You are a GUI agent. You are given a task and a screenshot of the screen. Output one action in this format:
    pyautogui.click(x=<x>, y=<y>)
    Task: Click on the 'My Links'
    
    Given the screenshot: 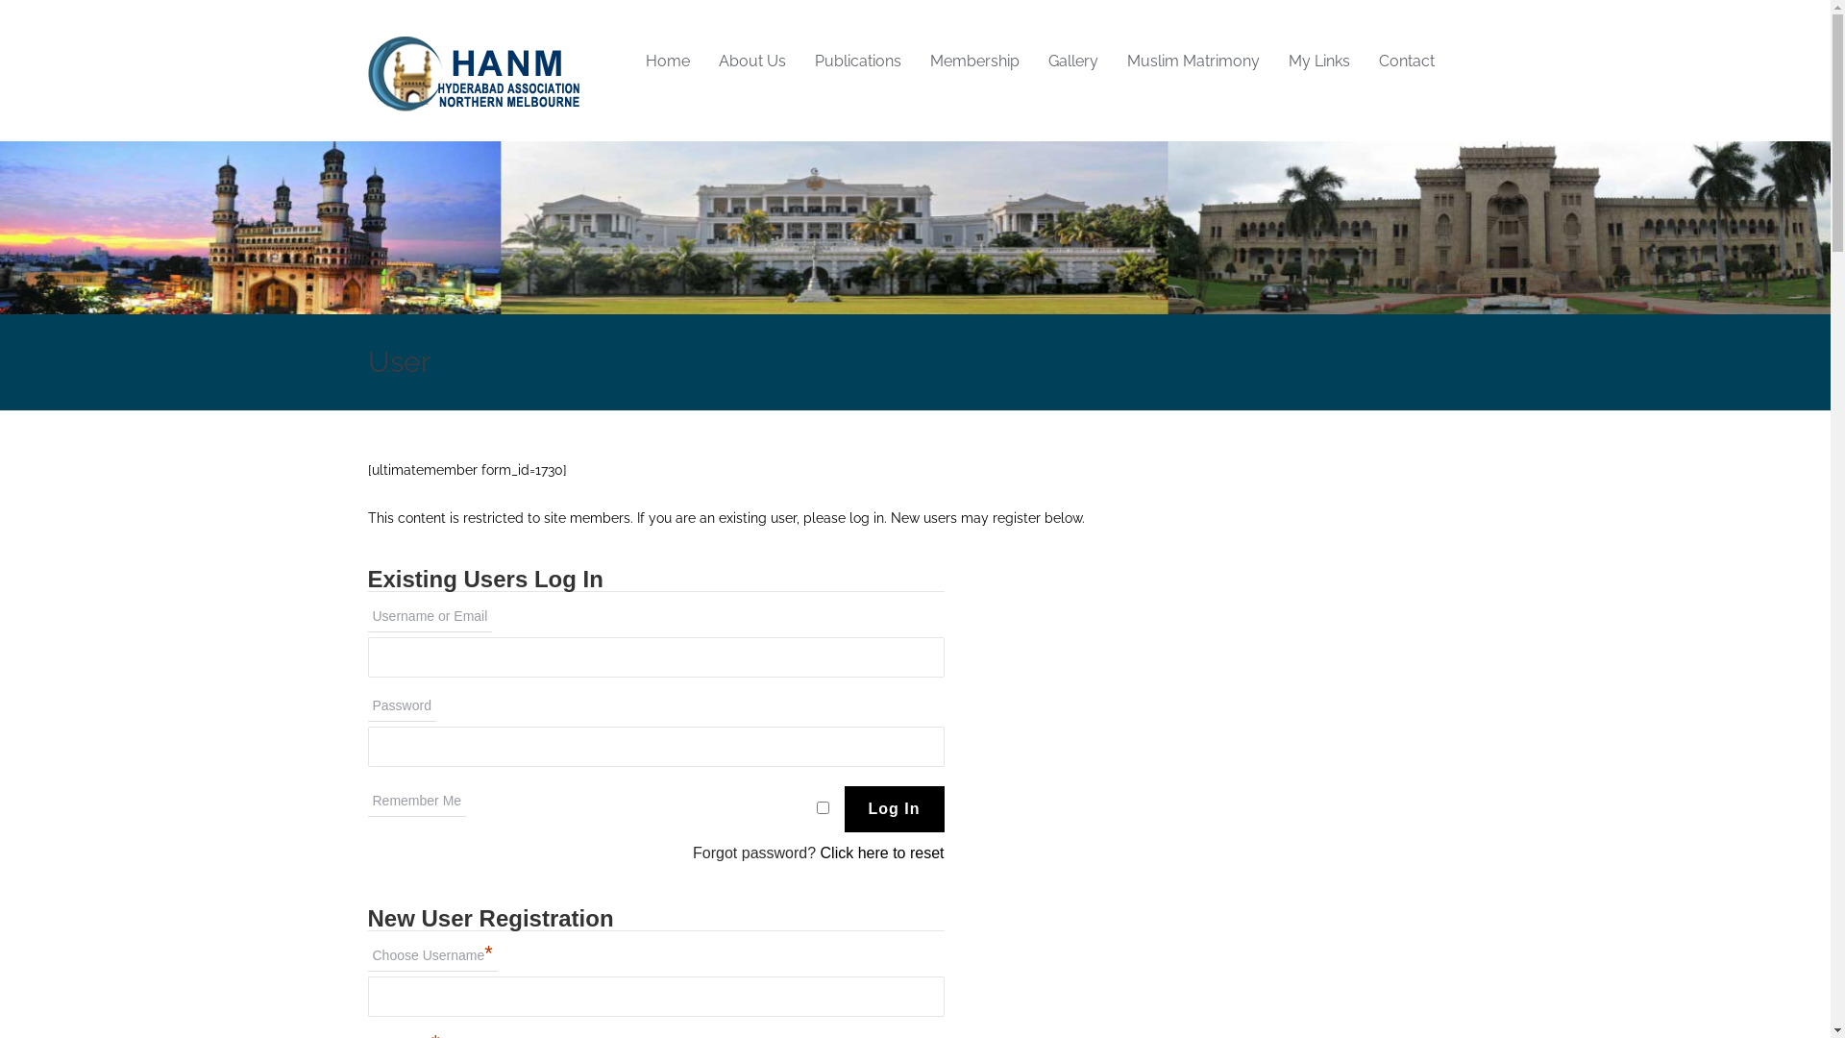 What is the action you would take?
    pyautogui.click(x=1273, y=61)
    